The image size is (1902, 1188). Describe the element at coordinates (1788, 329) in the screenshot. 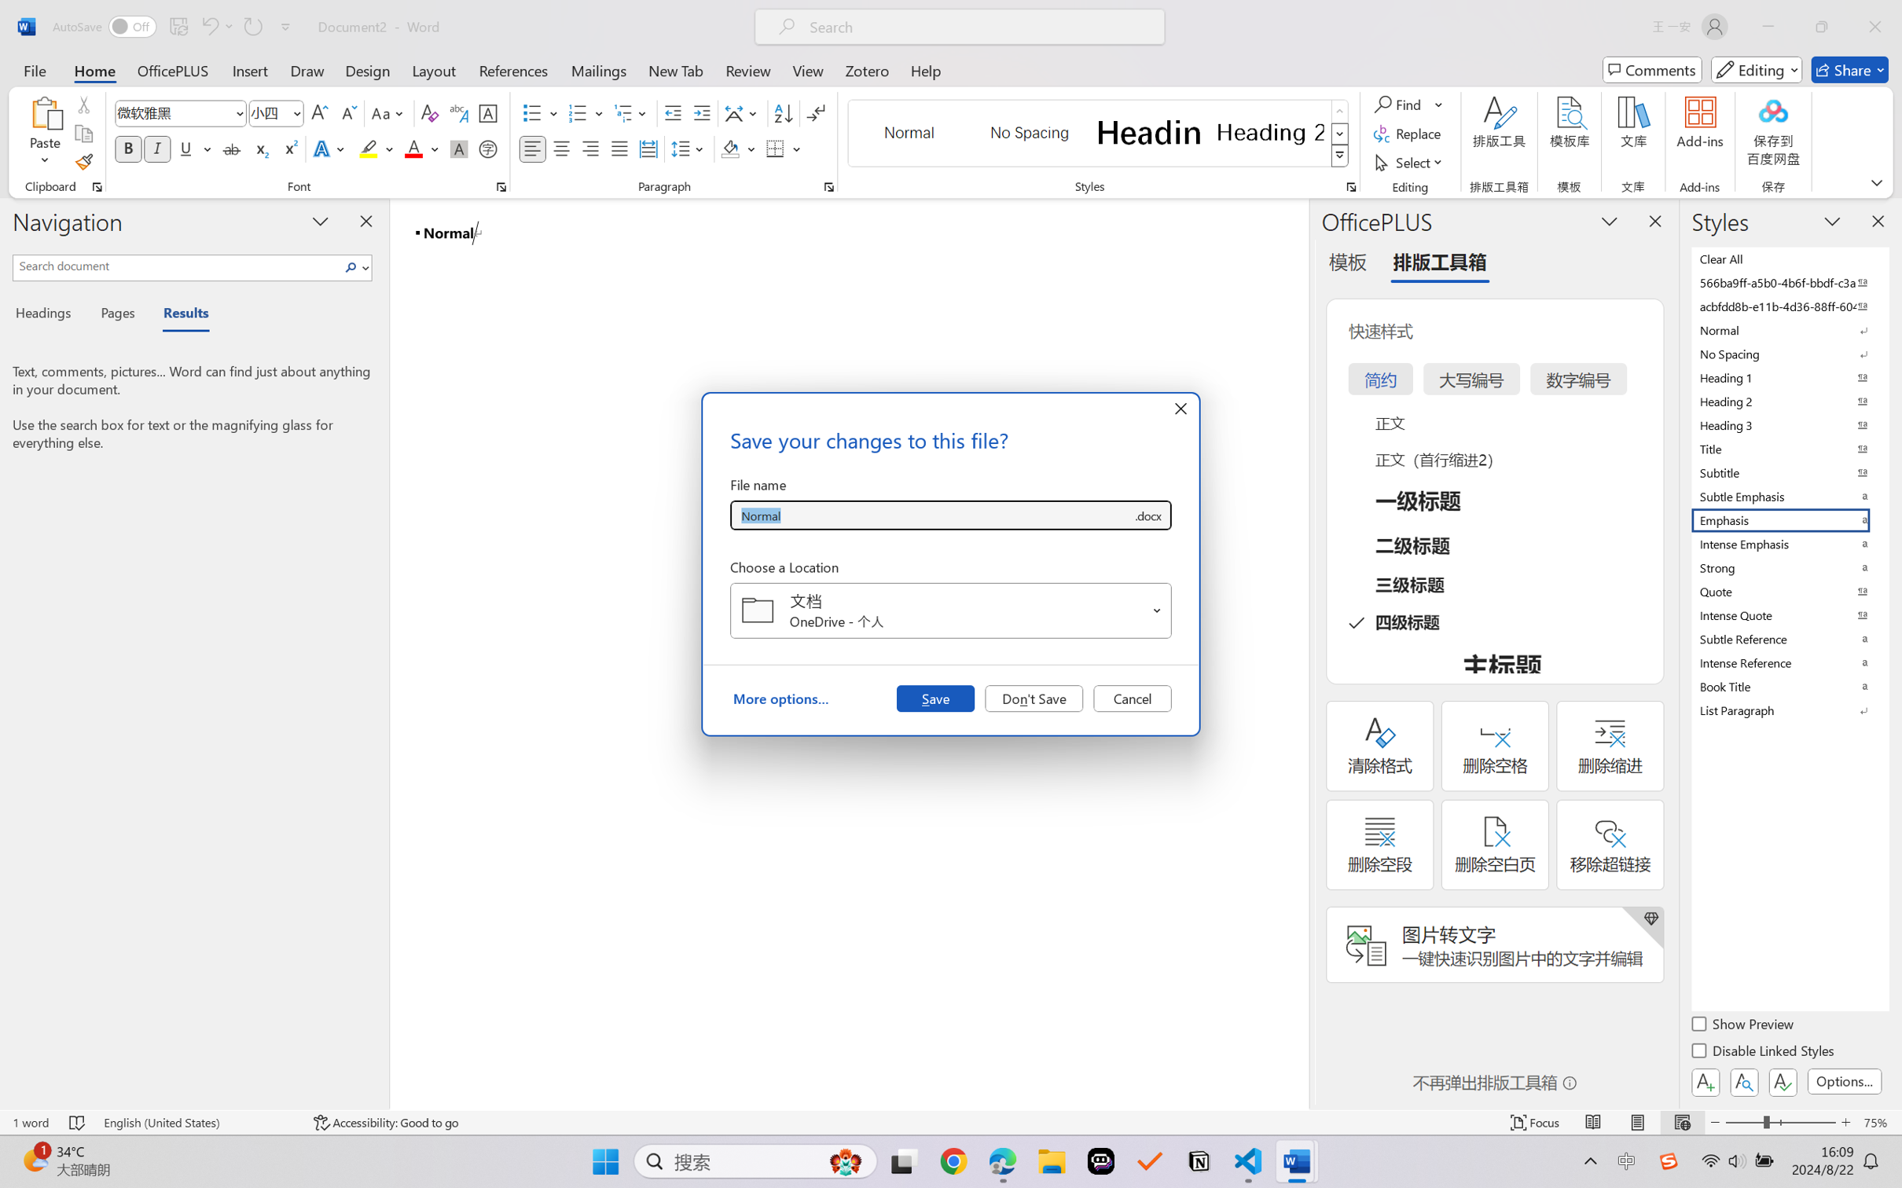

I see `'Normal'` at that location.